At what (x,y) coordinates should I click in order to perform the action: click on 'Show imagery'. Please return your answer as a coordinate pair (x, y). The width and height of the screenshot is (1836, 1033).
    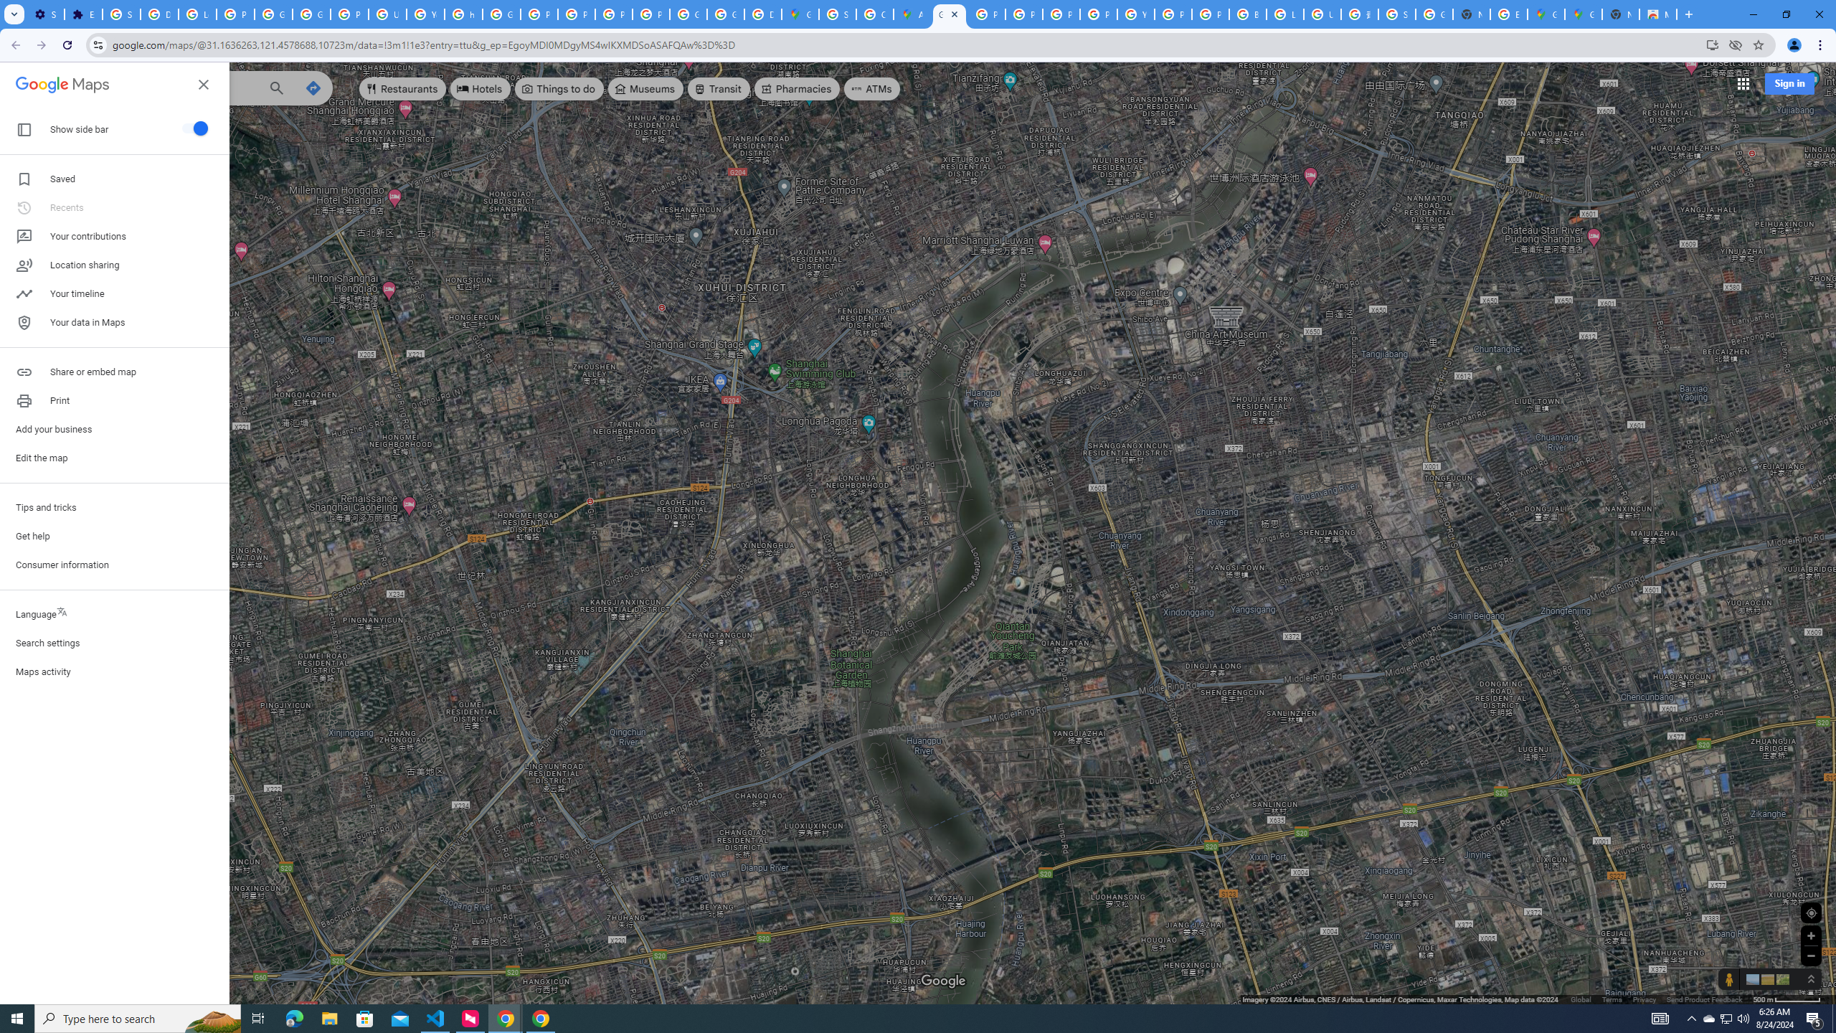
    Looking at the image, I should click on (1780, 978).